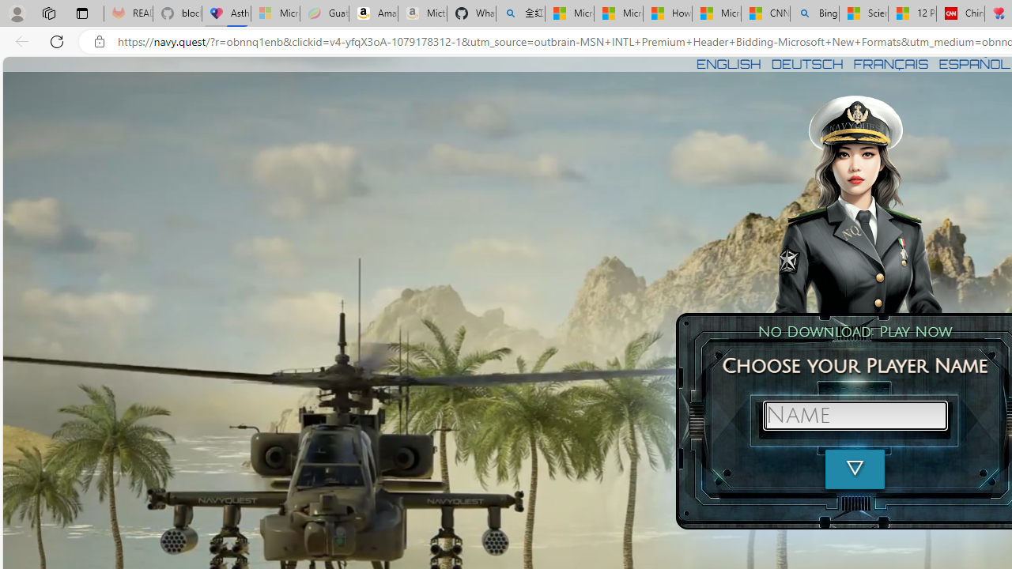 This screenshot has height=569, width=1012. I want to click on 'CNN - MSN', so click(765, 13).